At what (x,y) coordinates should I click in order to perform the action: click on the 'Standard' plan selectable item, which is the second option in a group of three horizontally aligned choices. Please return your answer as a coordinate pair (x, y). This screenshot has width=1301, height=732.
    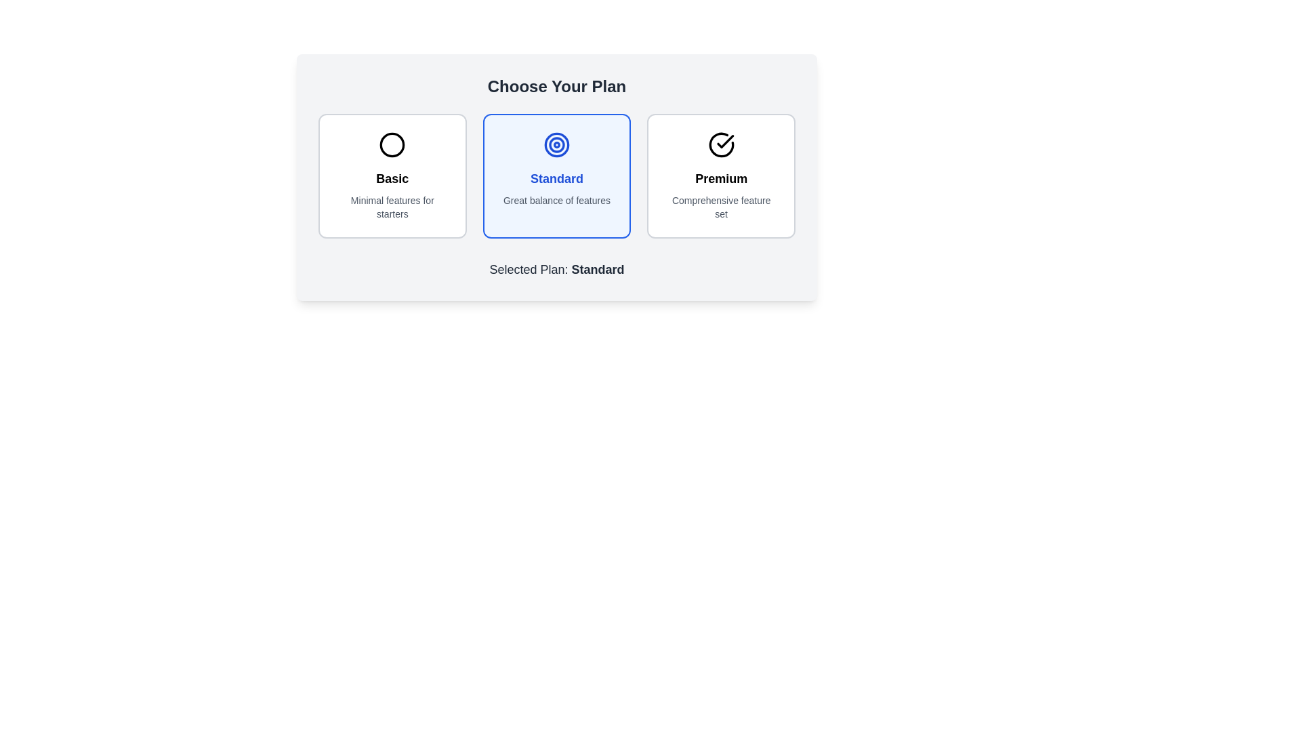
    Looking at the image, I should click on (556, 177).